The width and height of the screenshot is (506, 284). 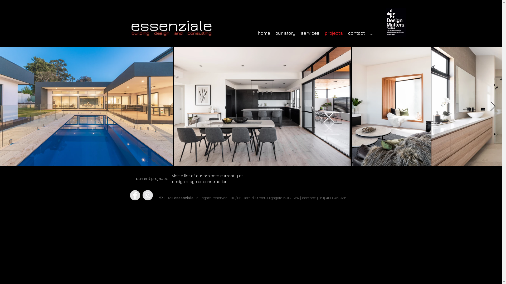 I want to click on 'contact', so click(x=356, y=33).